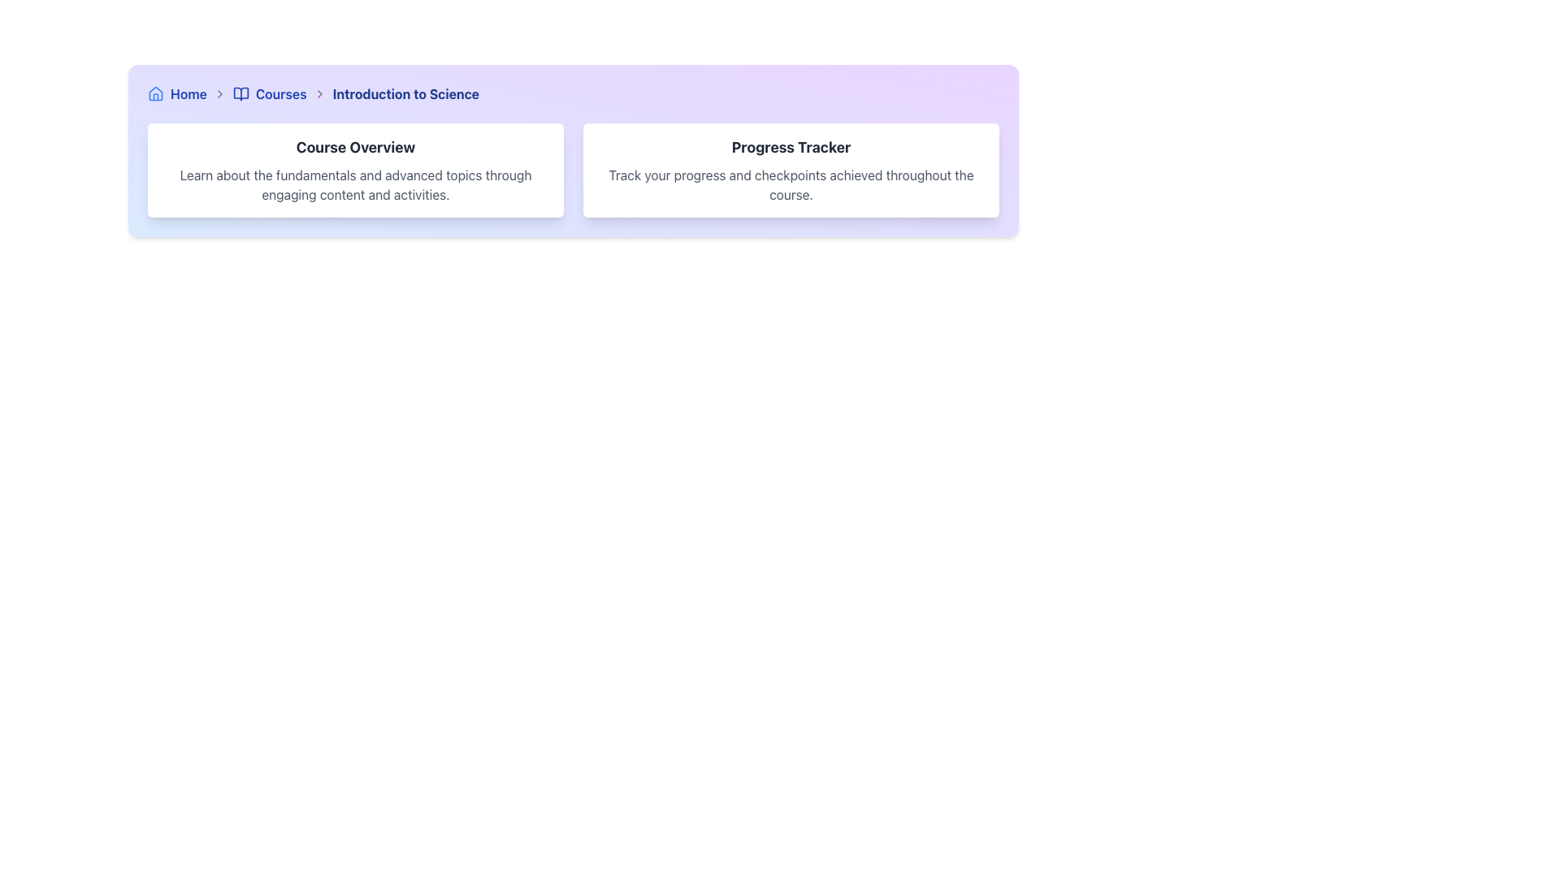 Image resolution: width=1560 pixels, height=877 pixels. I want to click on the decorative 'Courses' icon in the breadcrumb navigation, which is positioned to the left of the text 'Courses', so click(240, 93).